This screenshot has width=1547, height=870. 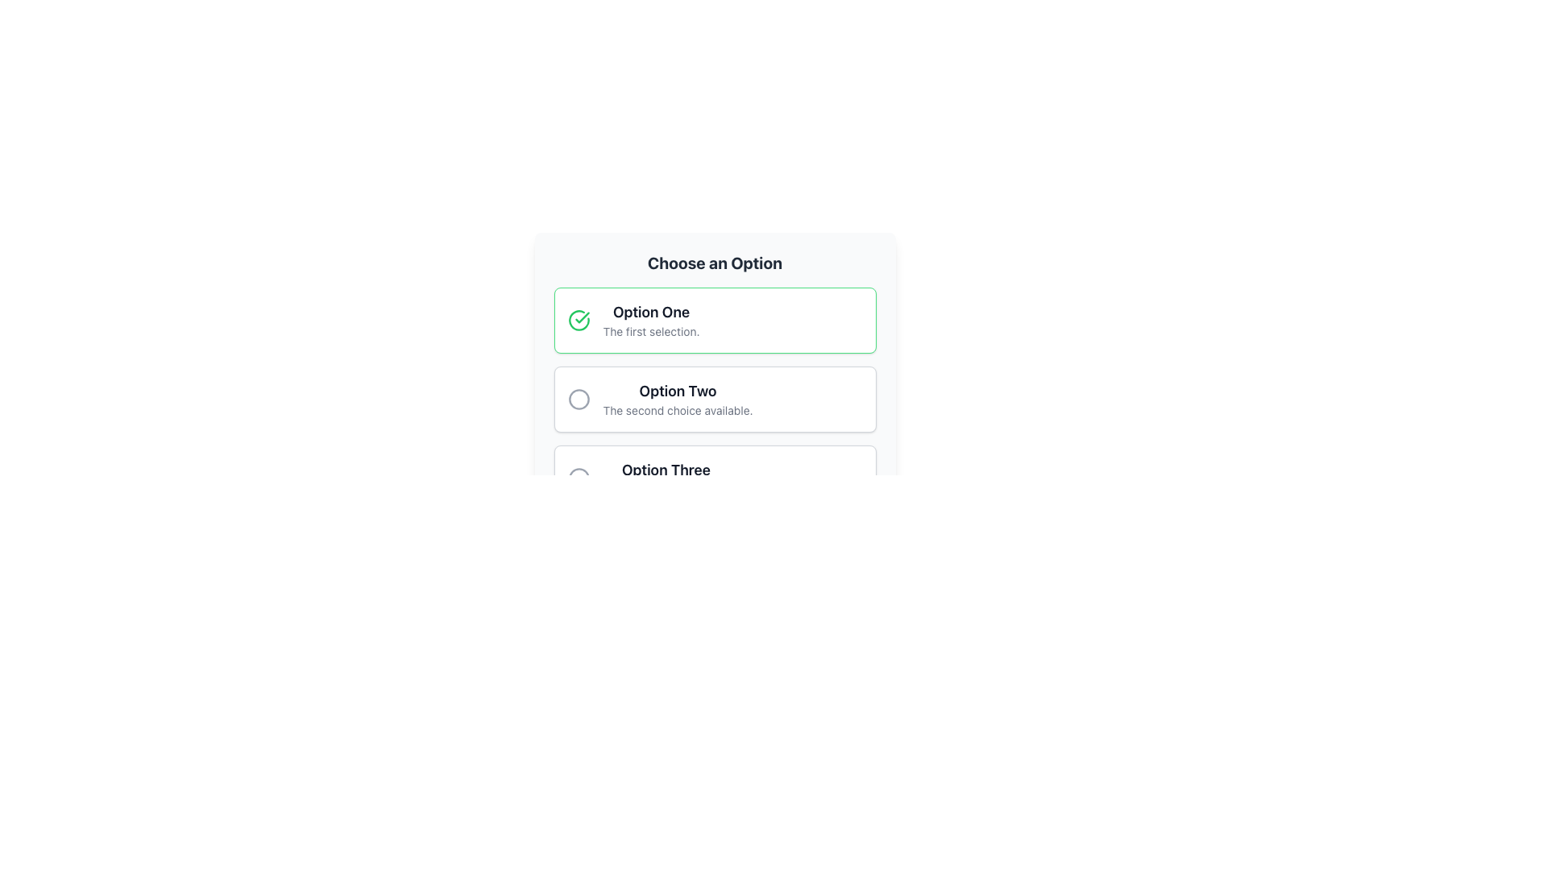 I want to click on the 'Option Two' button styled as a card, so click(x=714, y=399).